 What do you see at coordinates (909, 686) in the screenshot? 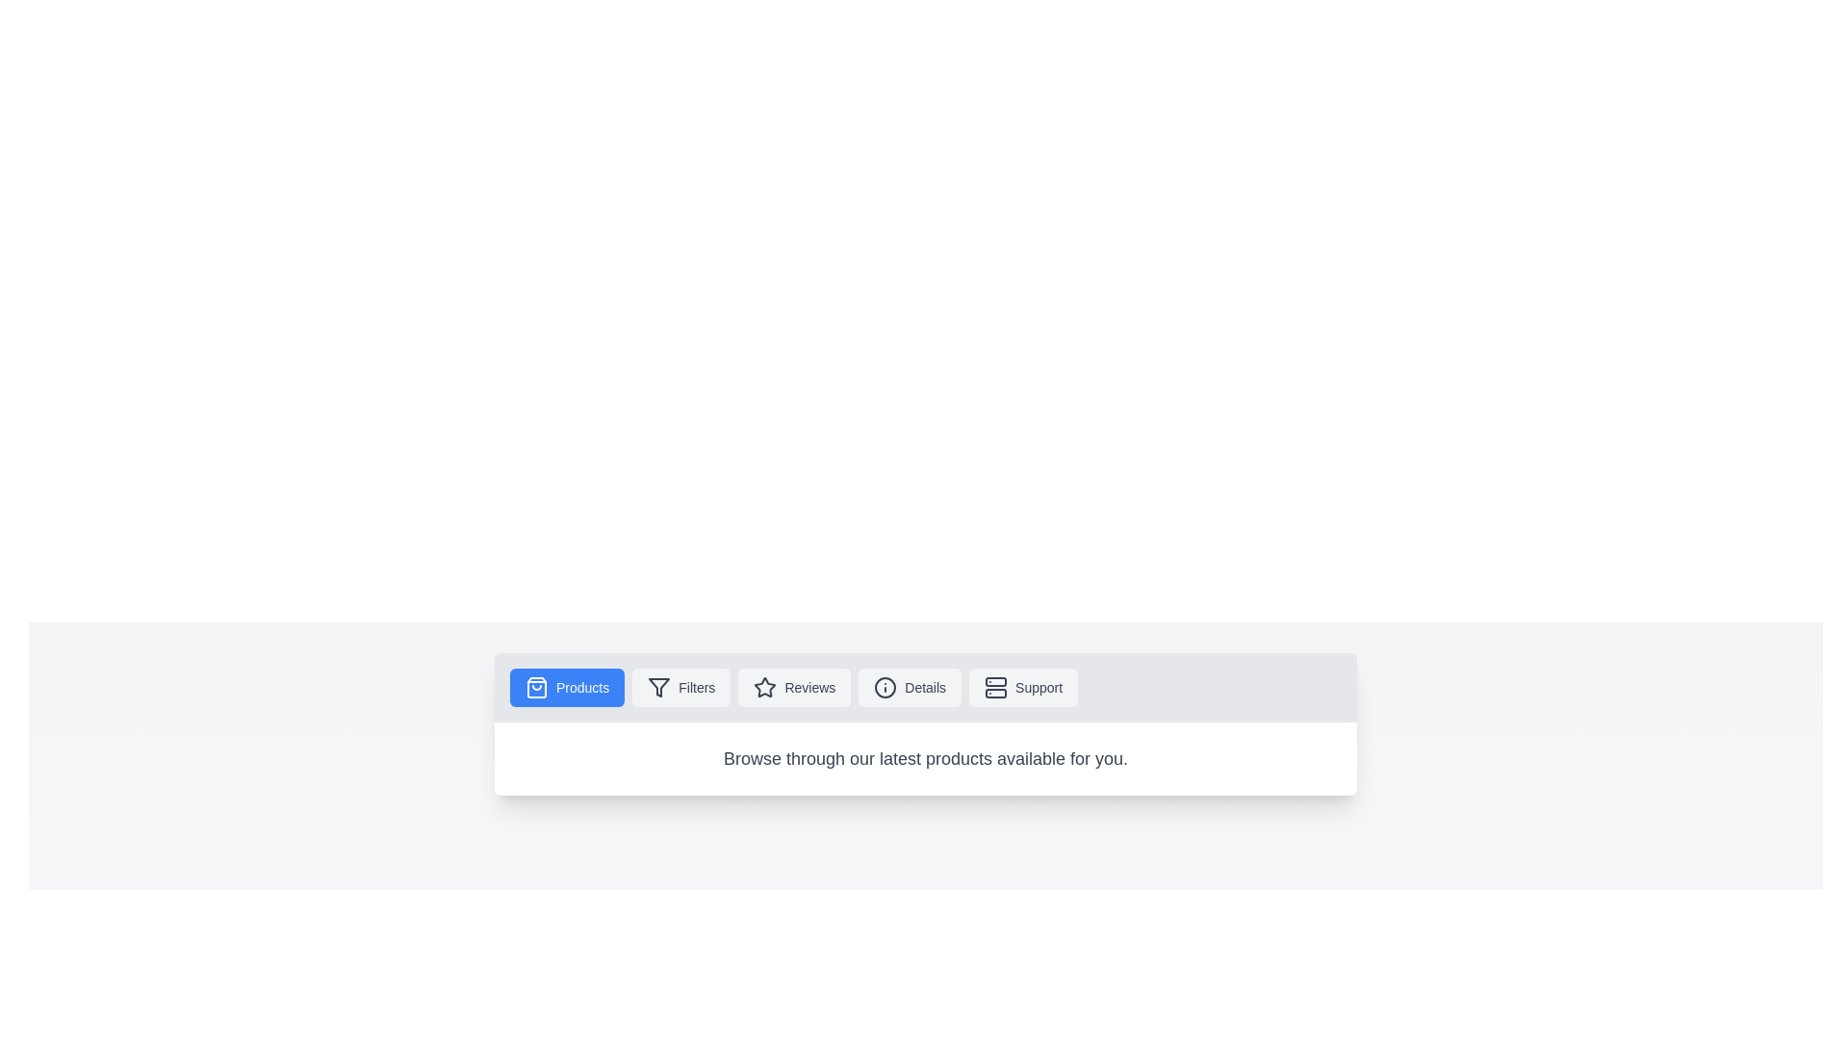
I see `the Details tab to observe its hover effect` at bounding box center [909, 686].